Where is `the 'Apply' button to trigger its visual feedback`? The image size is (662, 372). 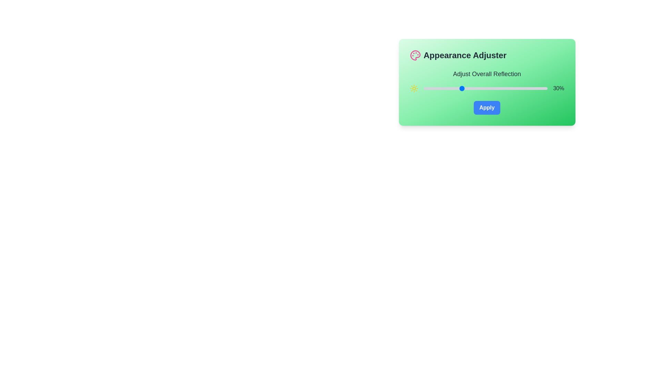 the 'Apply' button to trigger its visual feedback is located at coordinates (487, 107).